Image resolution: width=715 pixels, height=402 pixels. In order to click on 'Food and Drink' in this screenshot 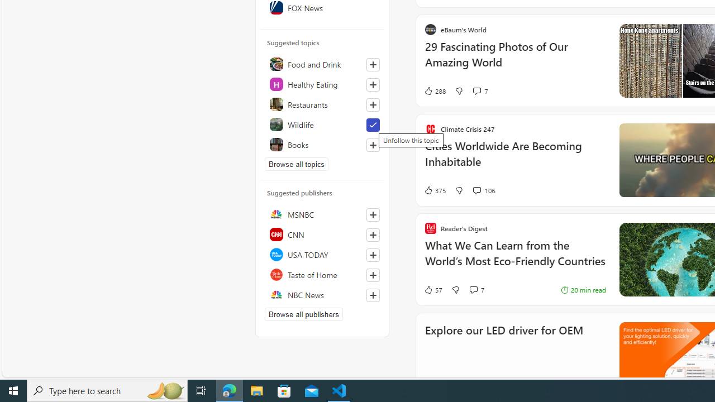, I will do `click(322, 64)`.